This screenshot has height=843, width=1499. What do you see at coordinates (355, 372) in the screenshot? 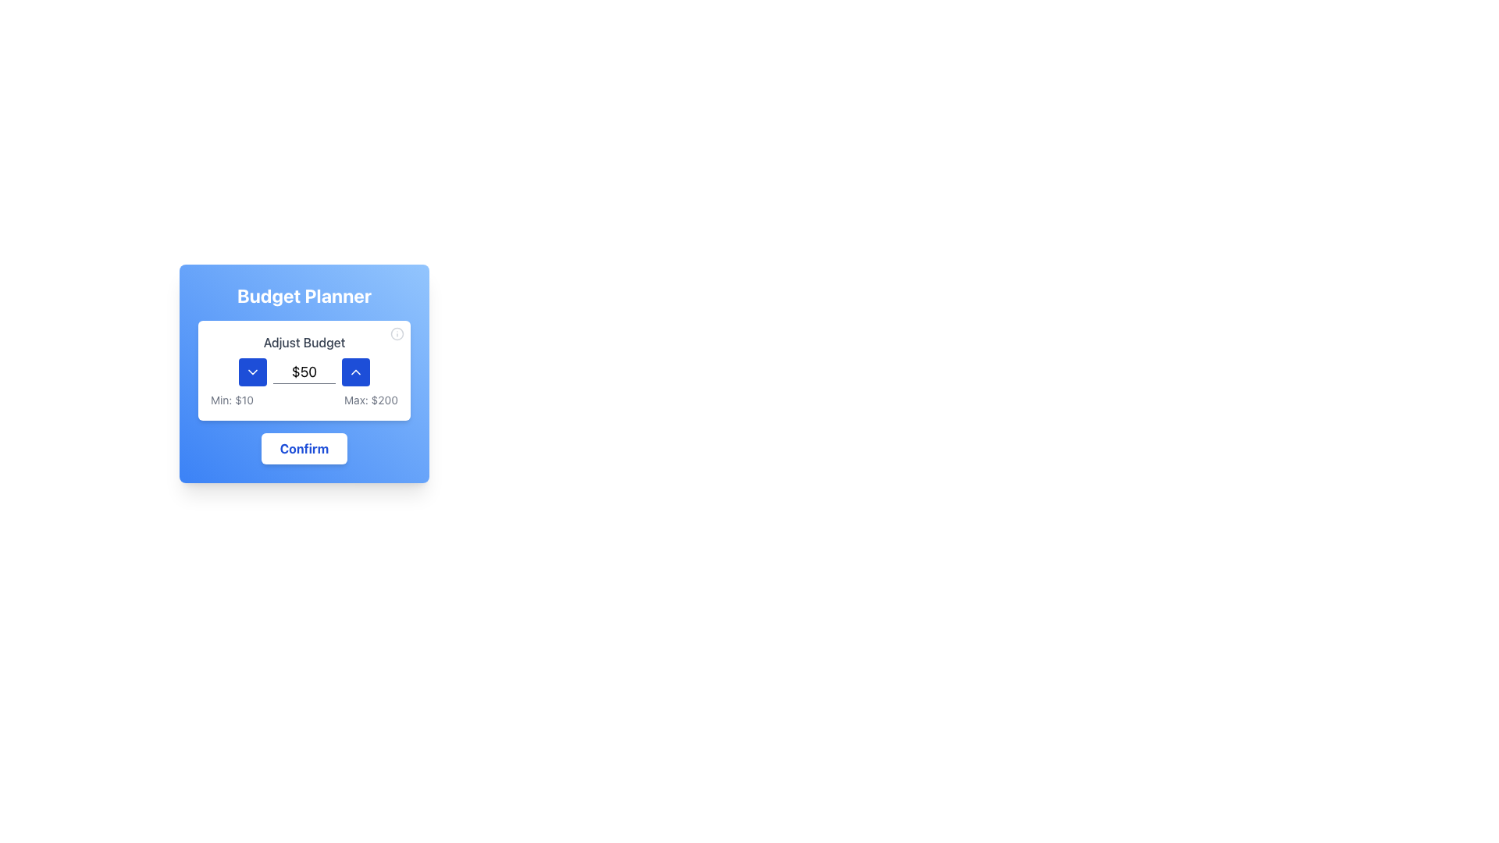
I see `the upward-pointing chevron icon styled with a blue background and white stroke, located in the 'Adjust Budget' section to increment the budget value` at bounding box center [355, 372].